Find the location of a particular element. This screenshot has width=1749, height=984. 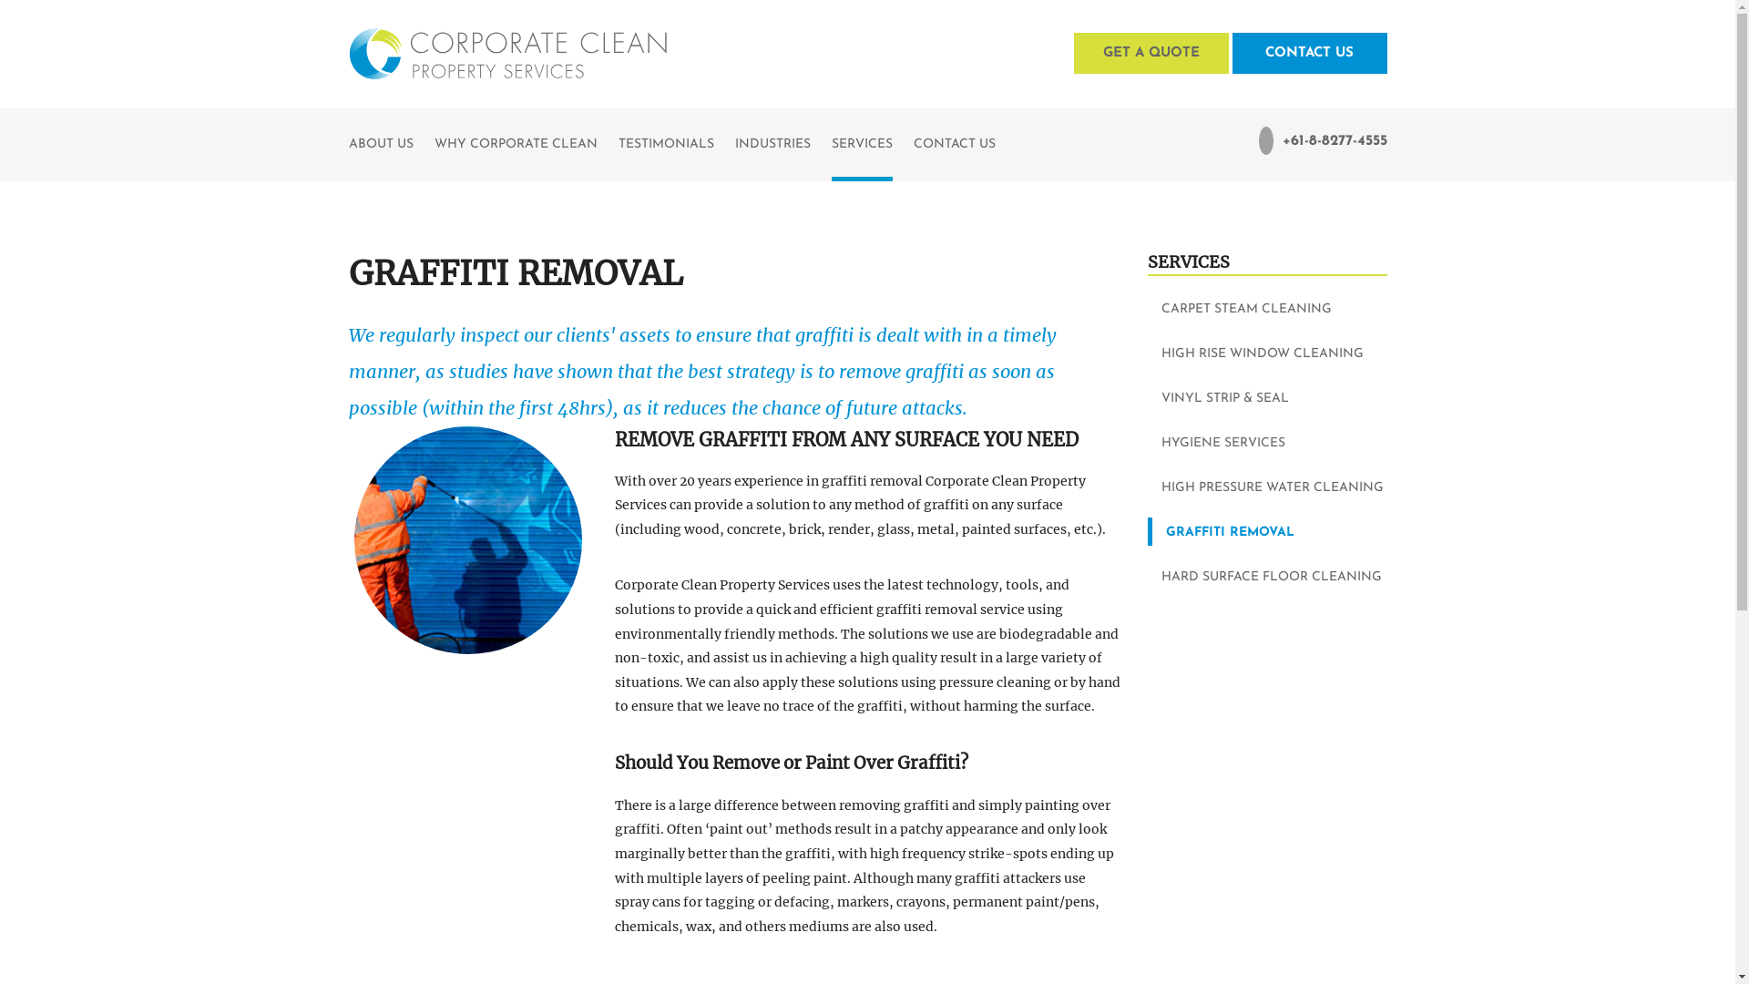

'SERVICES' is located at coordinates (860, 143).